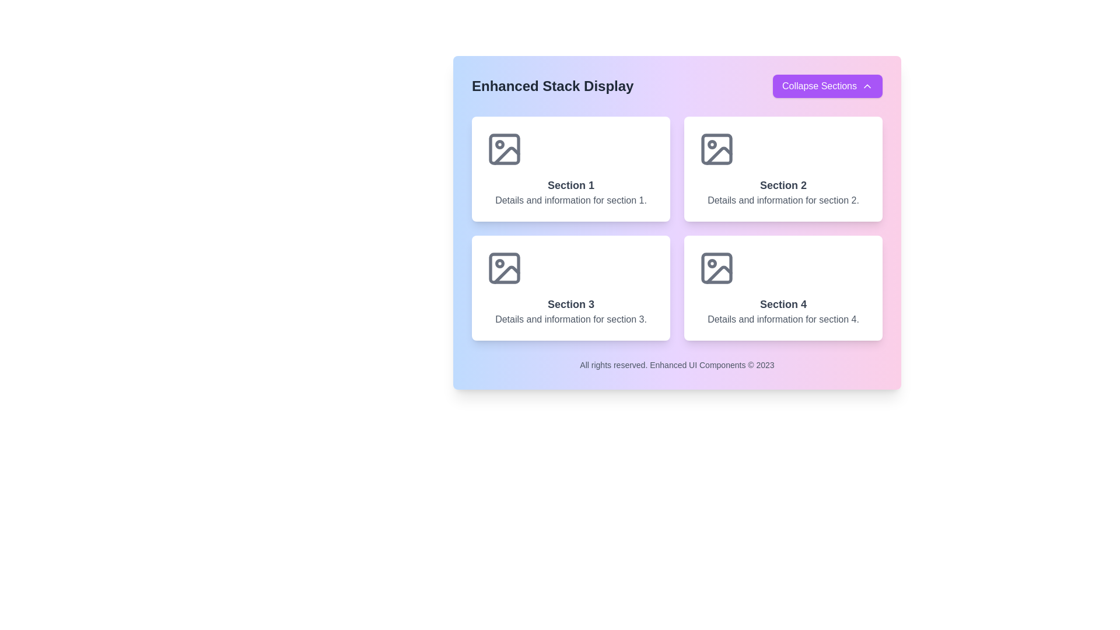 The width and height of the screenshot is (1120, 630). I want to click on text from the Text Label located in the bottom part of the 'Section 4' card in the bottom-right corner of the grid, so click(783, 319).